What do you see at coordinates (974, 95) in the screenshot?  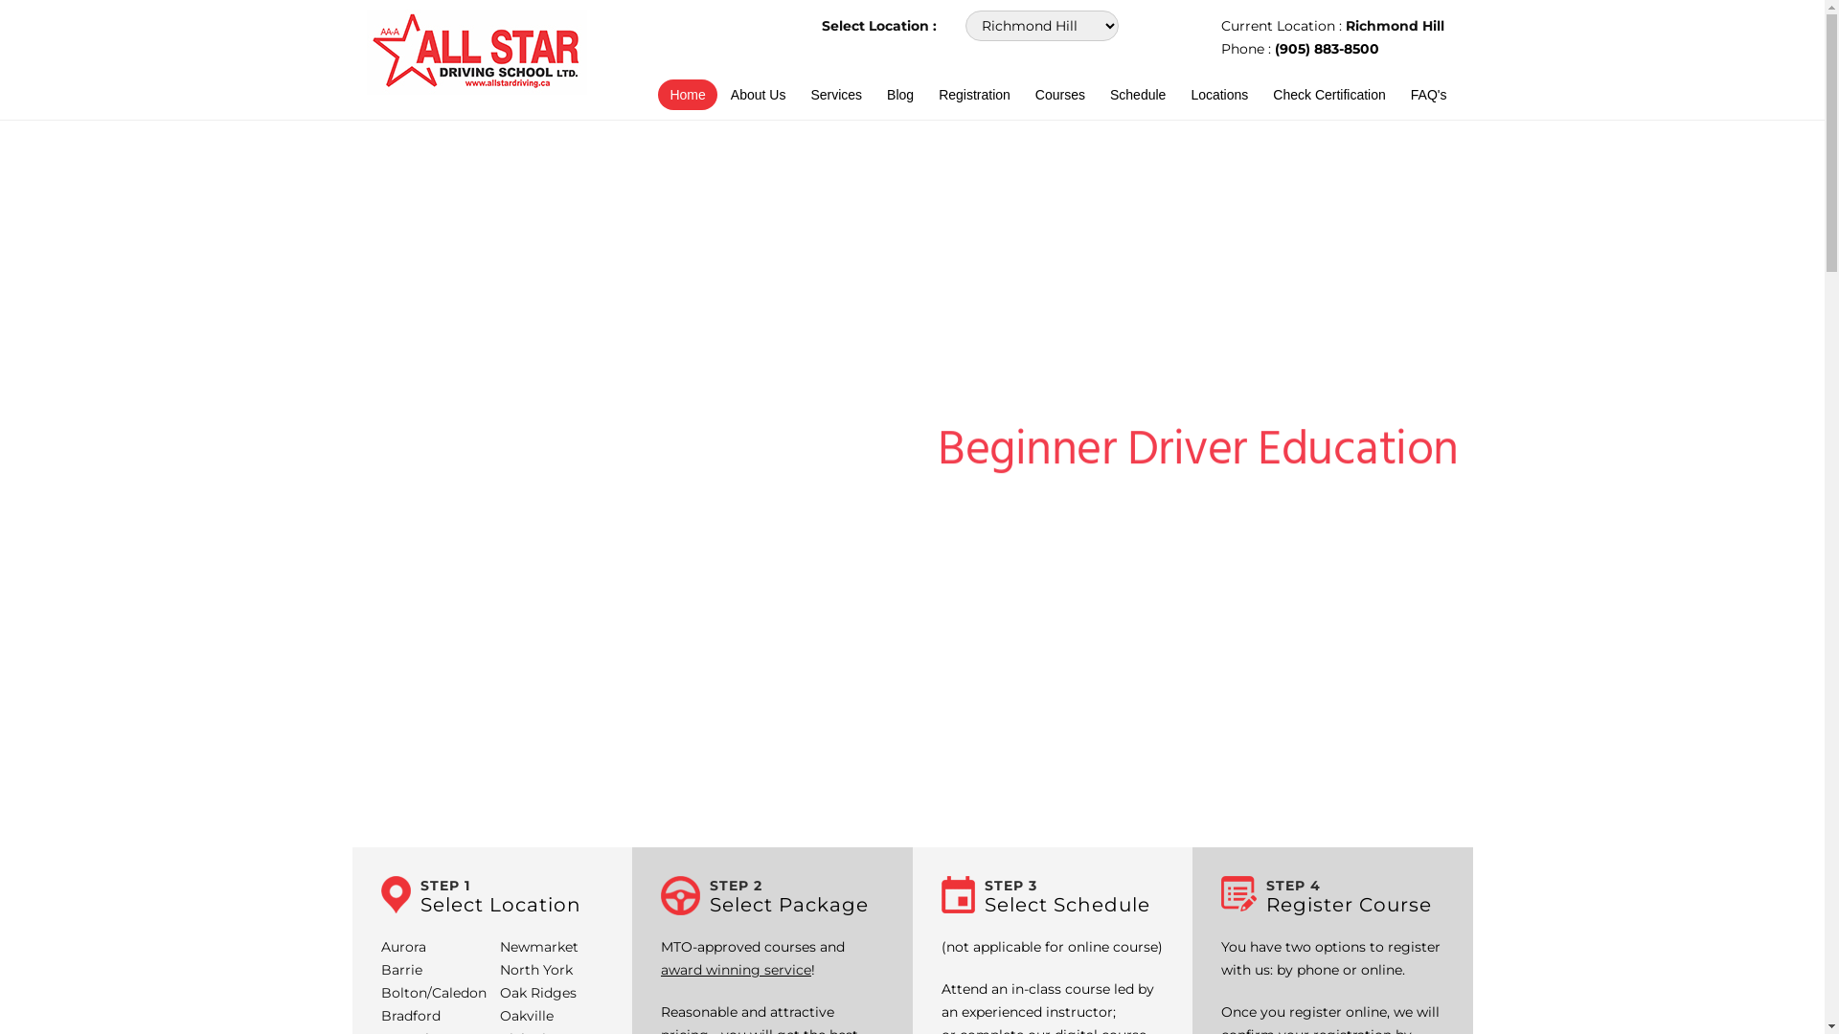 I see `'Registration'` at bounding box center [974, 95].